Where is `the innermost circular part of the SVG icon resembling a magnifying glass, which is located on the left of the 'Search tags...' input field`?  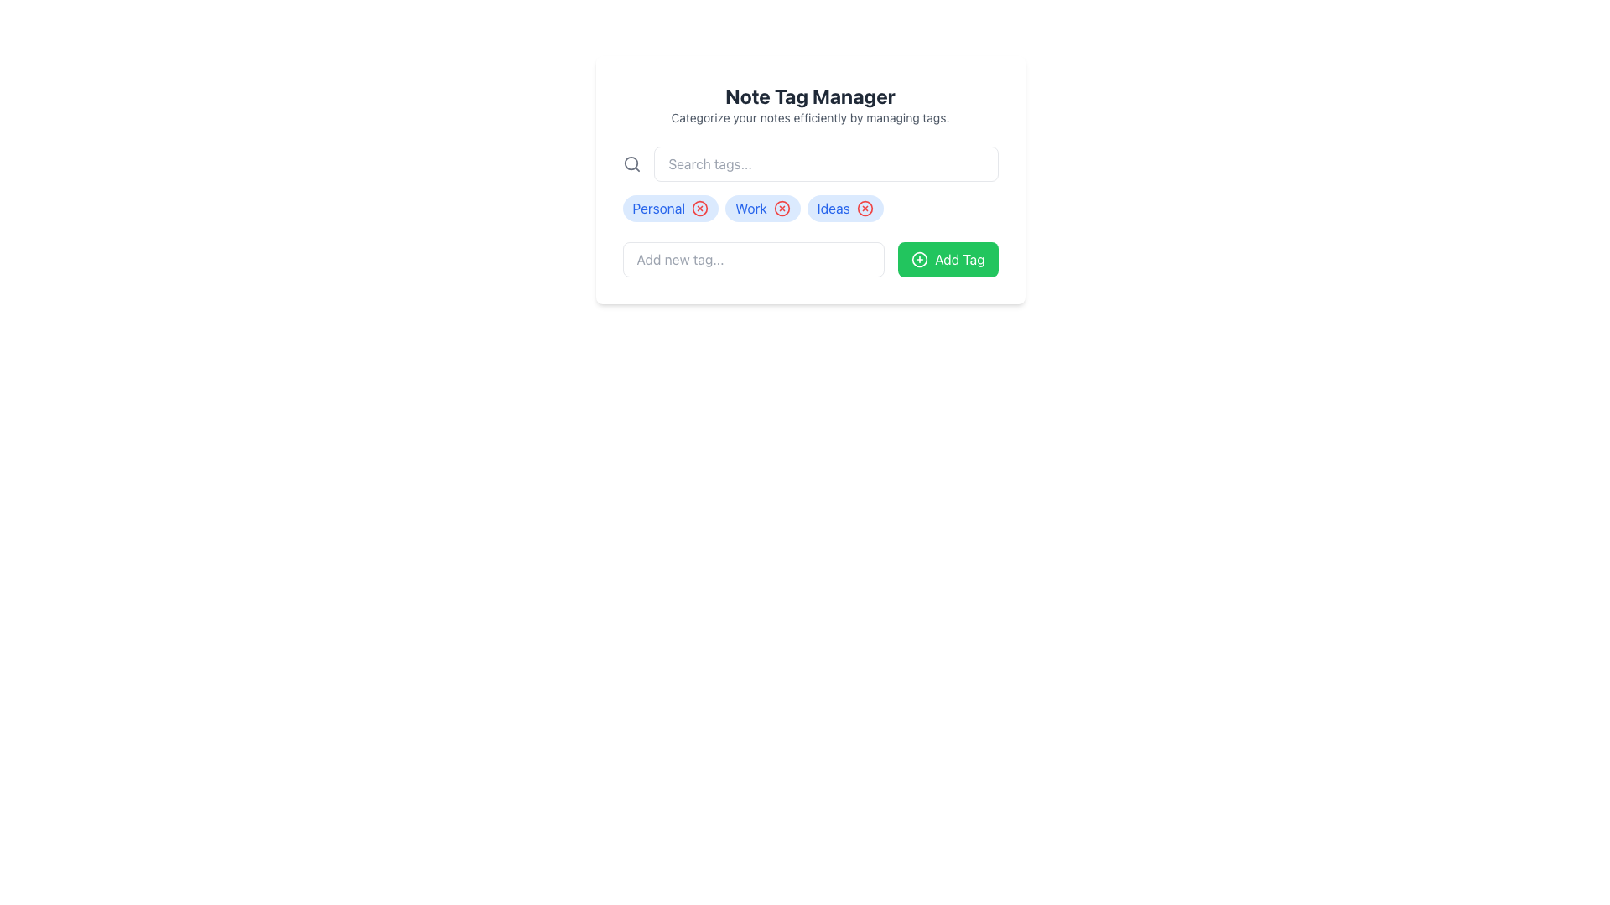
the innermost circular part of the SVG icon resembling a magnifying glass, which is located on the left of the 'Search tags...' input field is located at coordinates (630, 163).